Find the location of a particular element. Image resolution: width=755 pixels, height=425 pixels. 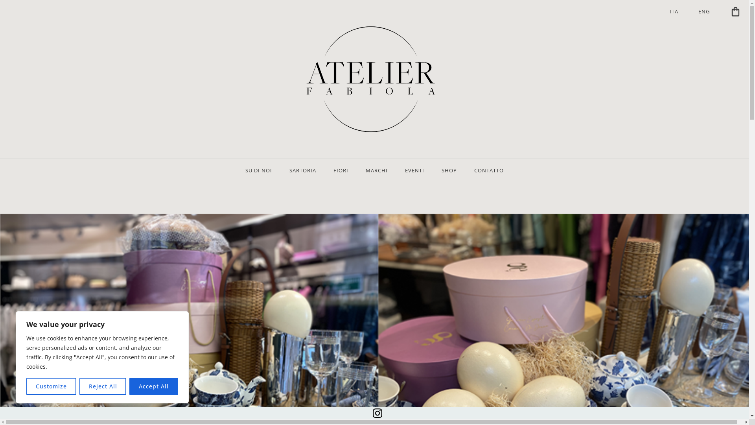

'ITA' is located at coordinates (673, 11).